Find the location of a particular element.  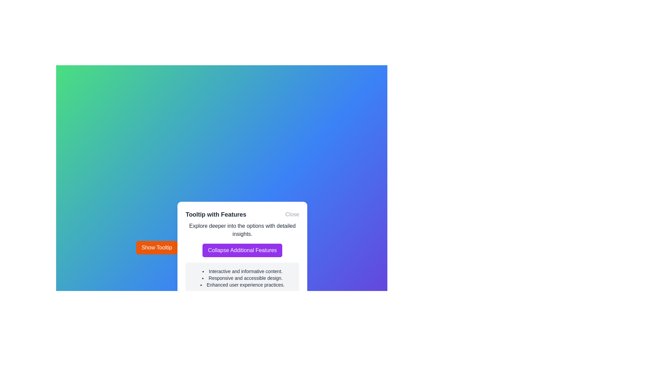

the header text label located at the top left of the tooltip pop-up, which serves as a descriptive title for the tooltip content is located at coordinates (215, 215).